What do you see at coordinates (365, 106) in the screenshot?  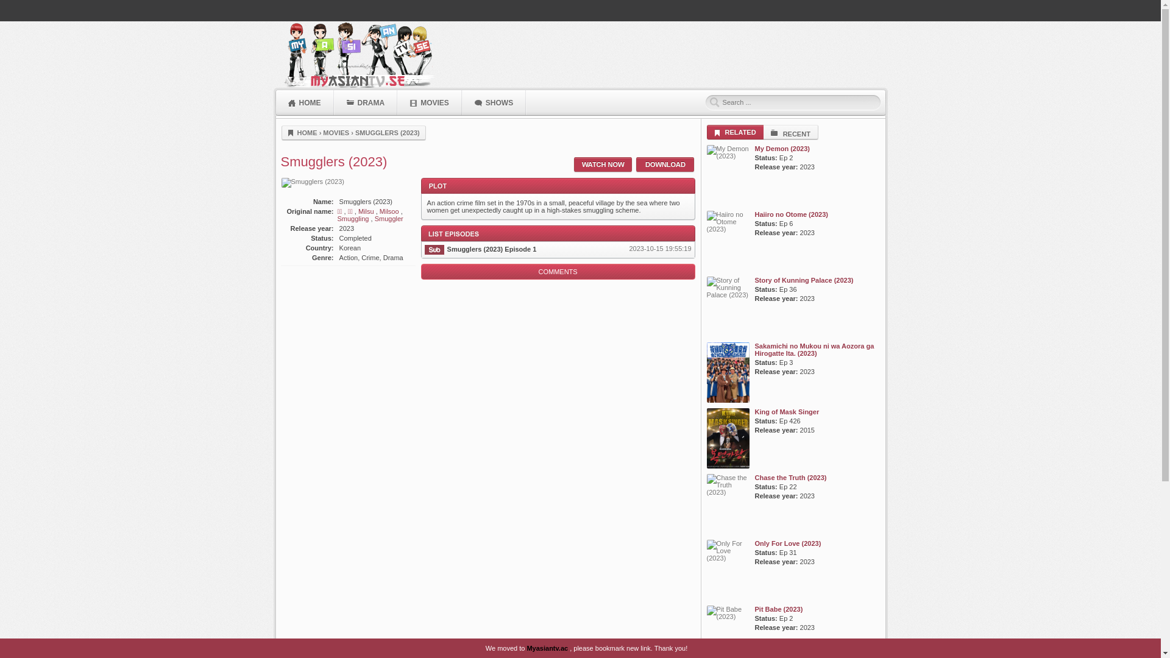 I see `'DRAMA'` at bounding box center [365, 106].